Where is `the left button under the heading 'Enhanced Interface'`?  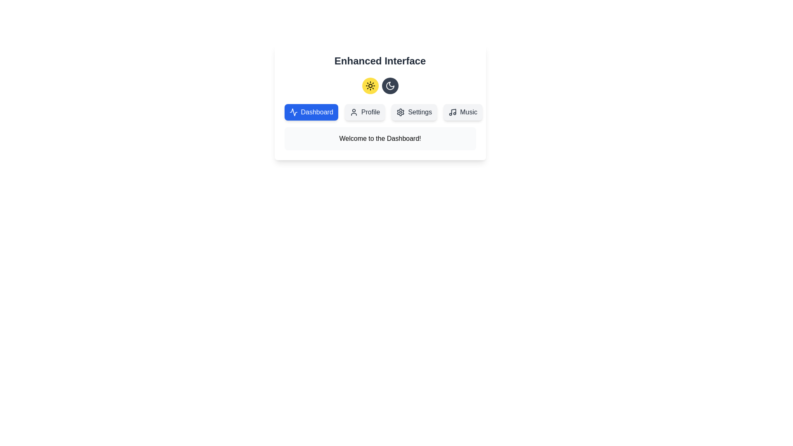 the left button under the heading 'Enhanced Interface' is located at coordinates (370, 86).